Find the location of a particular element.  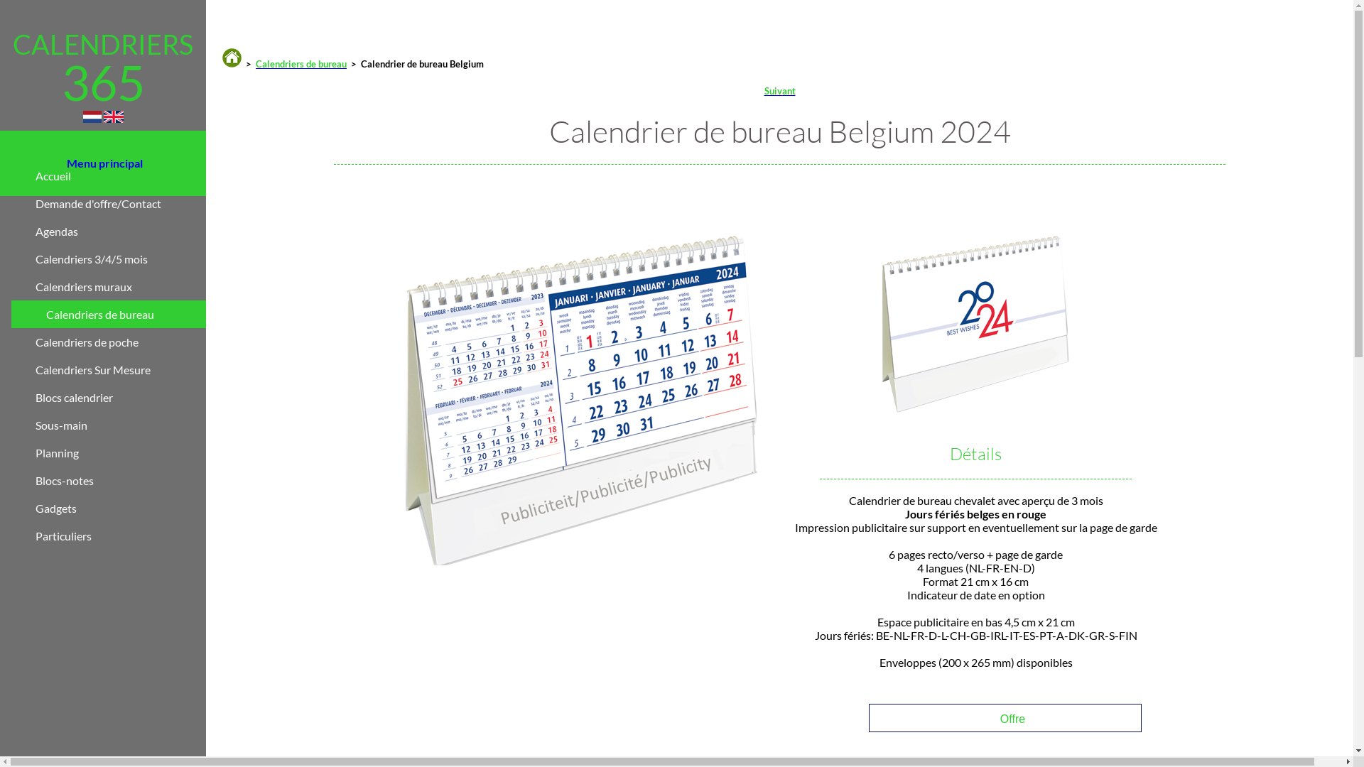

'Calendriers de poche' is located at coordinates (120, 342).